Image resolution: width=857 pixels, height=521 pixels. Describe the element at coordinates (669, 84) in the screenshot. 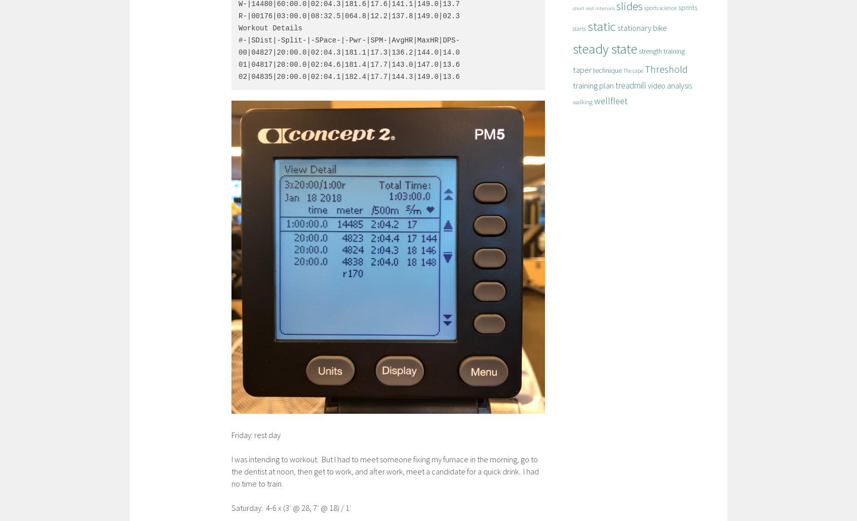

I see `'video analysis'` at that location.